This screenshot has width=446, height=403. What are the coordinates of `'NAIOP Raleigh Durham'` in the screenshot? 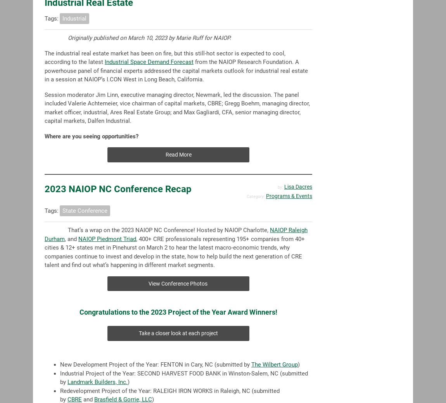 It's located at (176, 234).